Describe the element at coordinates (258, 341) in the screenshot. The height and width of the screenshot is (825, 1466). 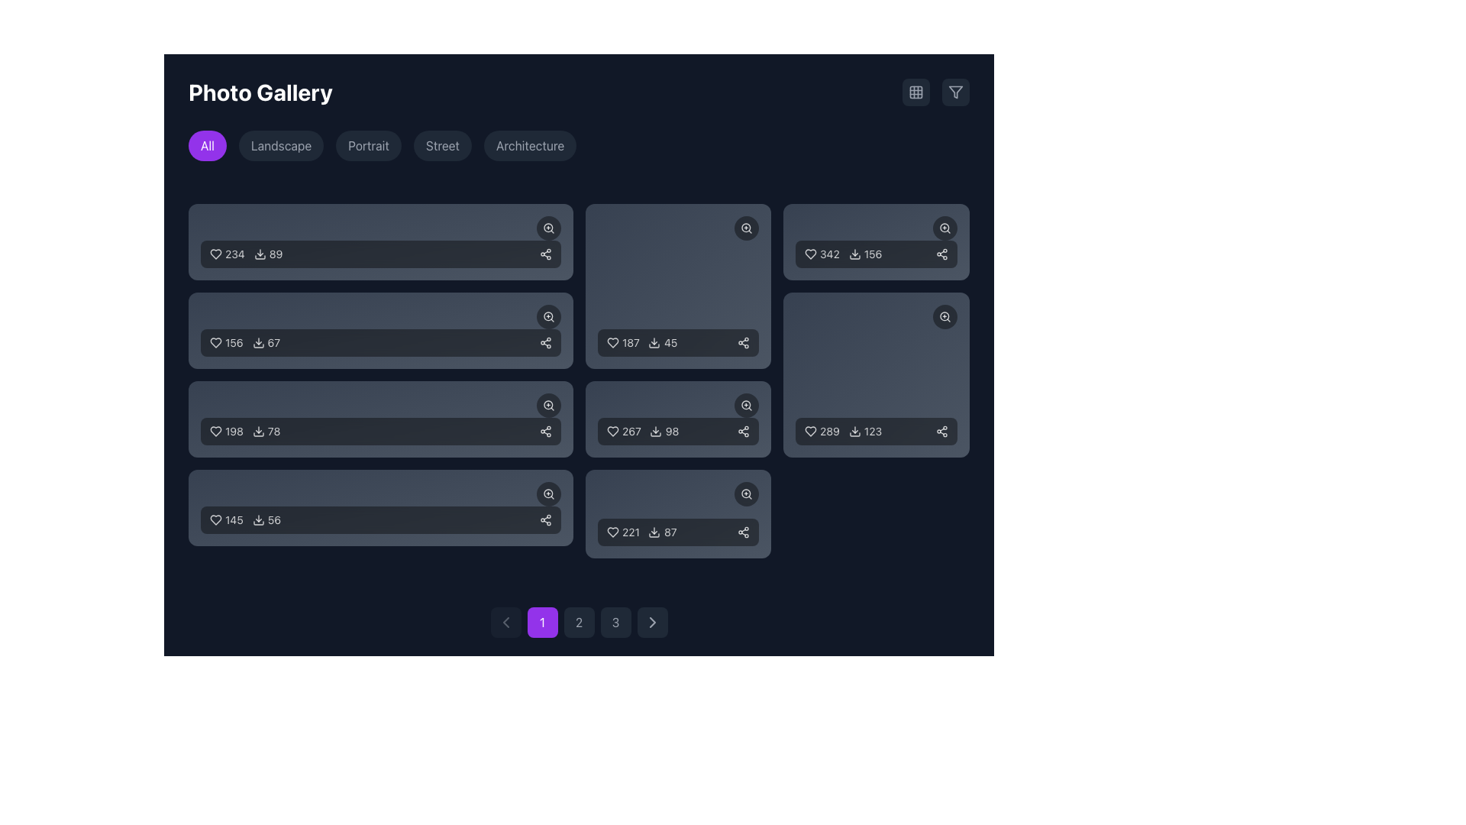
I see `the download icon, which is a small, thin, white outlined downward arrow located in the second card of the gallery layout, to the right of the heart icon and before the text block displaying '67'` at that location.